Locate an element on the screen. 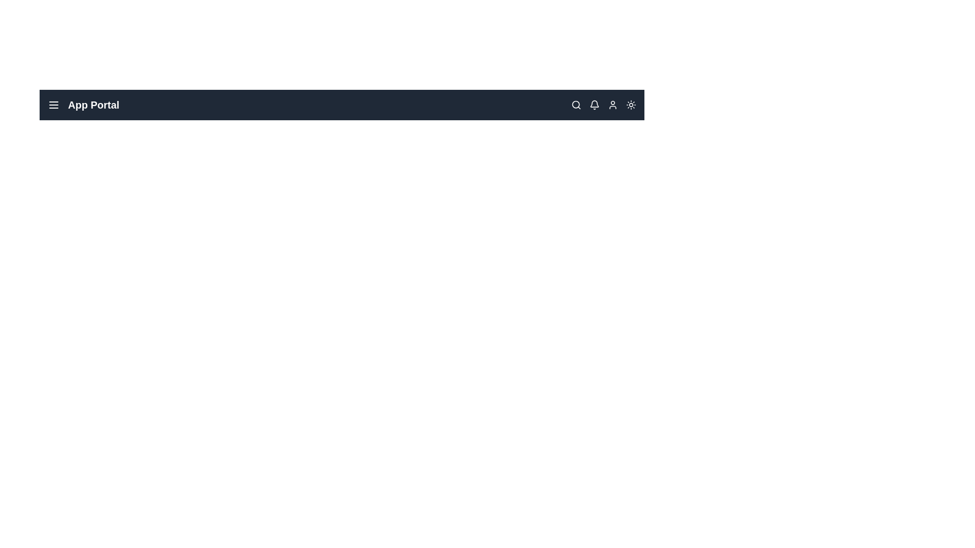  the sun/moon icon to toggle between dark and light mode is located at coordinates (631, 105).